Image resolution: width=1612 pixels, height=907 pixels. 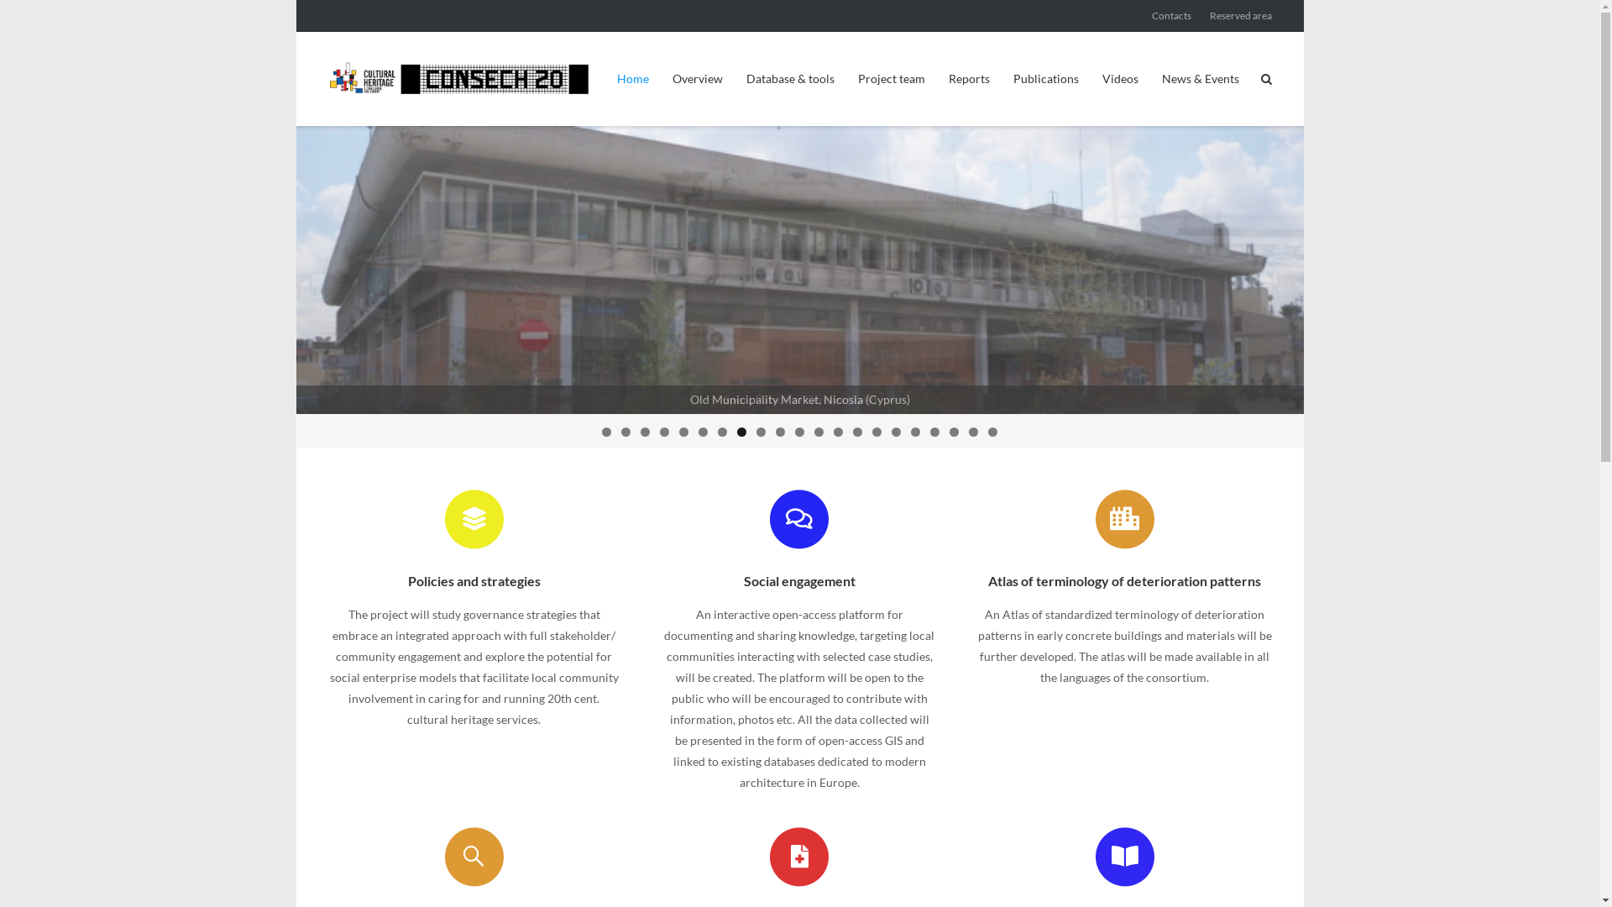 What do you see at coordinates (954, 431) in the screenshot?
I see `'19'` at bounding box center [954, 431].